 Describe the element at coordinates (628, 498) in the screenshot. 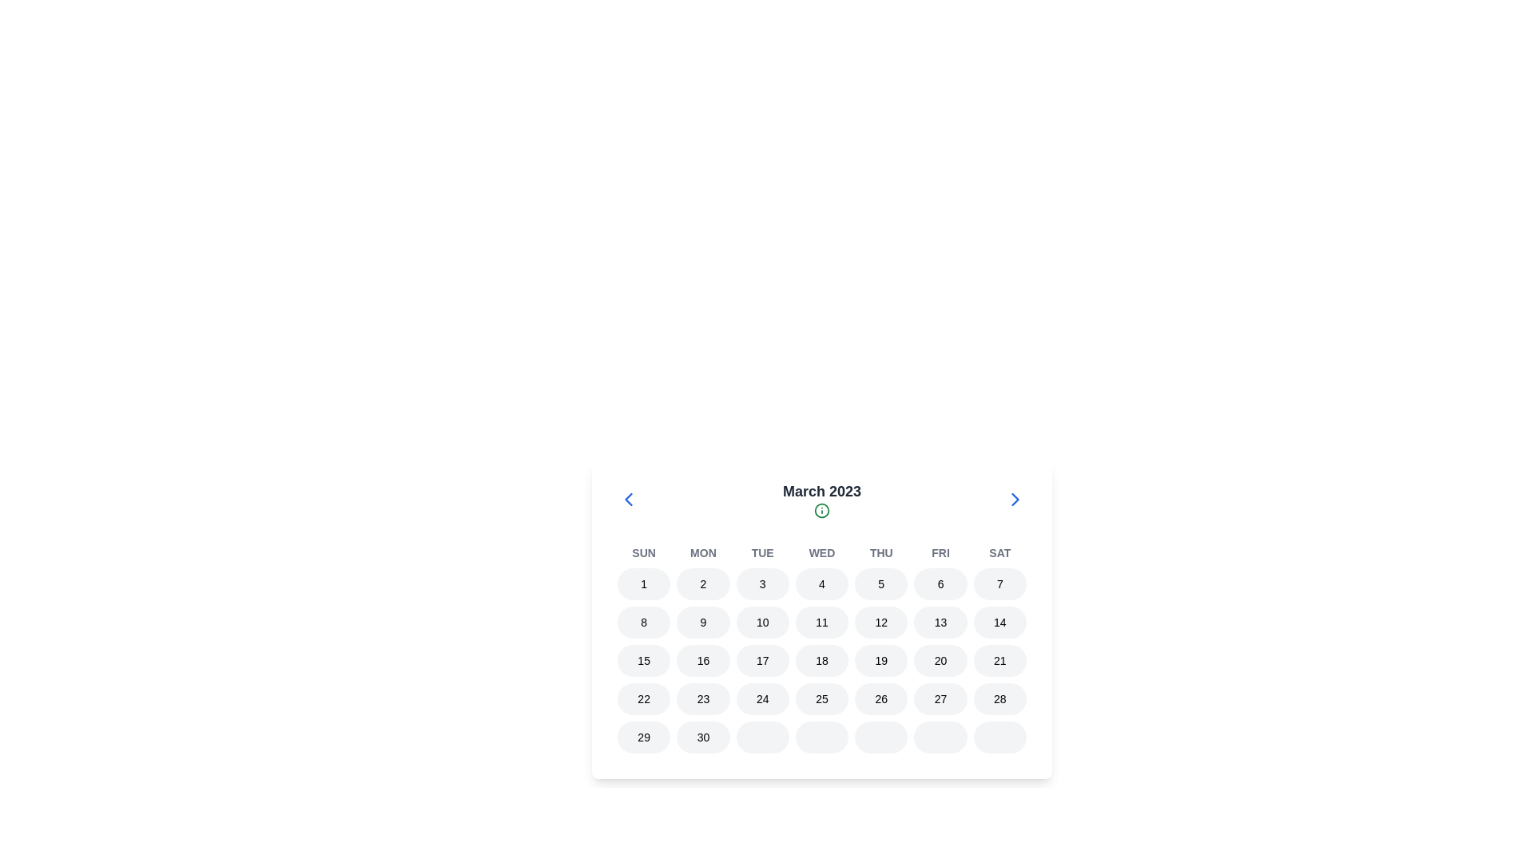

I see `the graphical representation of the left chevron icon in the SVG element at the top-left corner of the calendar interface` at that location.